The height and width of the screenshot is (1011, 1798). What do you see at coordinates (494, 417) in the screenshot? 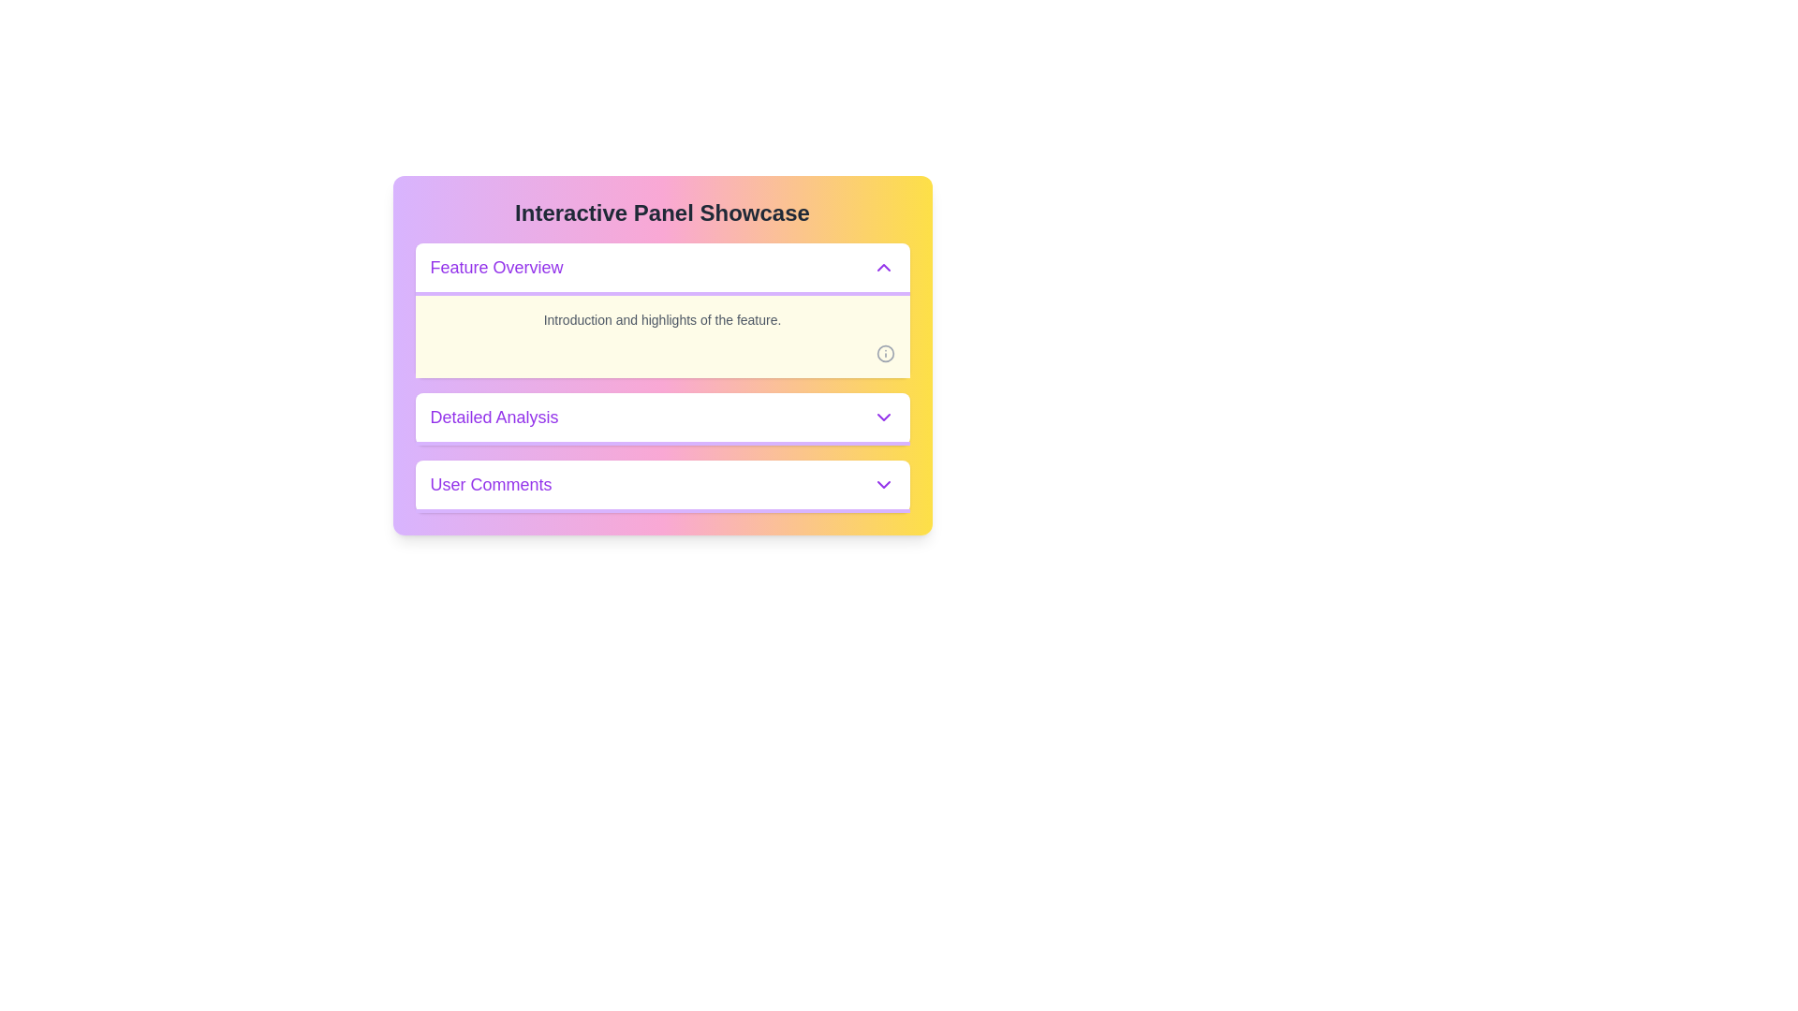
I see `the text element that serves as a label or title for a section, which is centrally aligned and located between 'Feature Overview' and 'User Comments'` at bounding box center [494, 417].